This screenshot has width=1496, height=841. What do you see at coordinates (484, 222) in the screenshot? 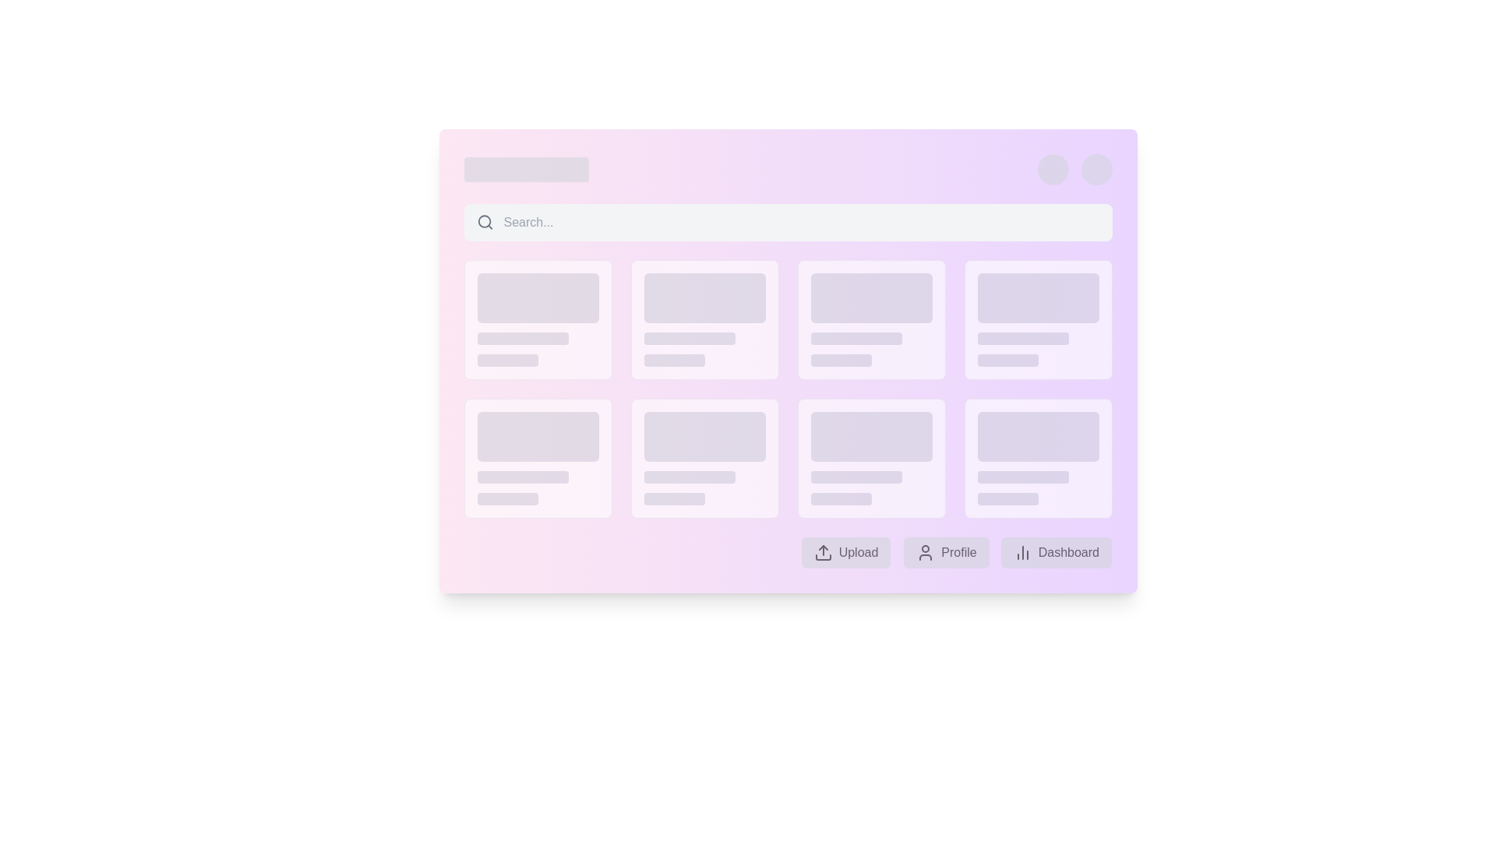
I see `the circular inner part of the magnifying glass icon located left of the search bar` at bounding box center [484, 222].